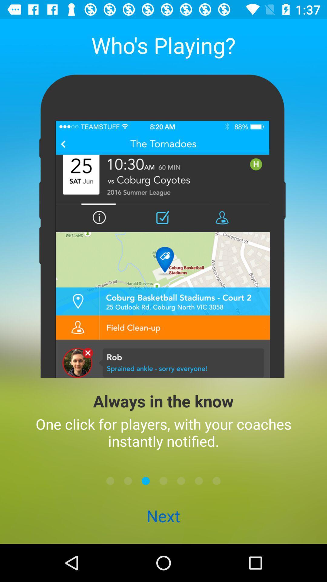 The height and width of the screenshot is (582, 327). I want to click on the icon below one click for item, so click(181, 480).